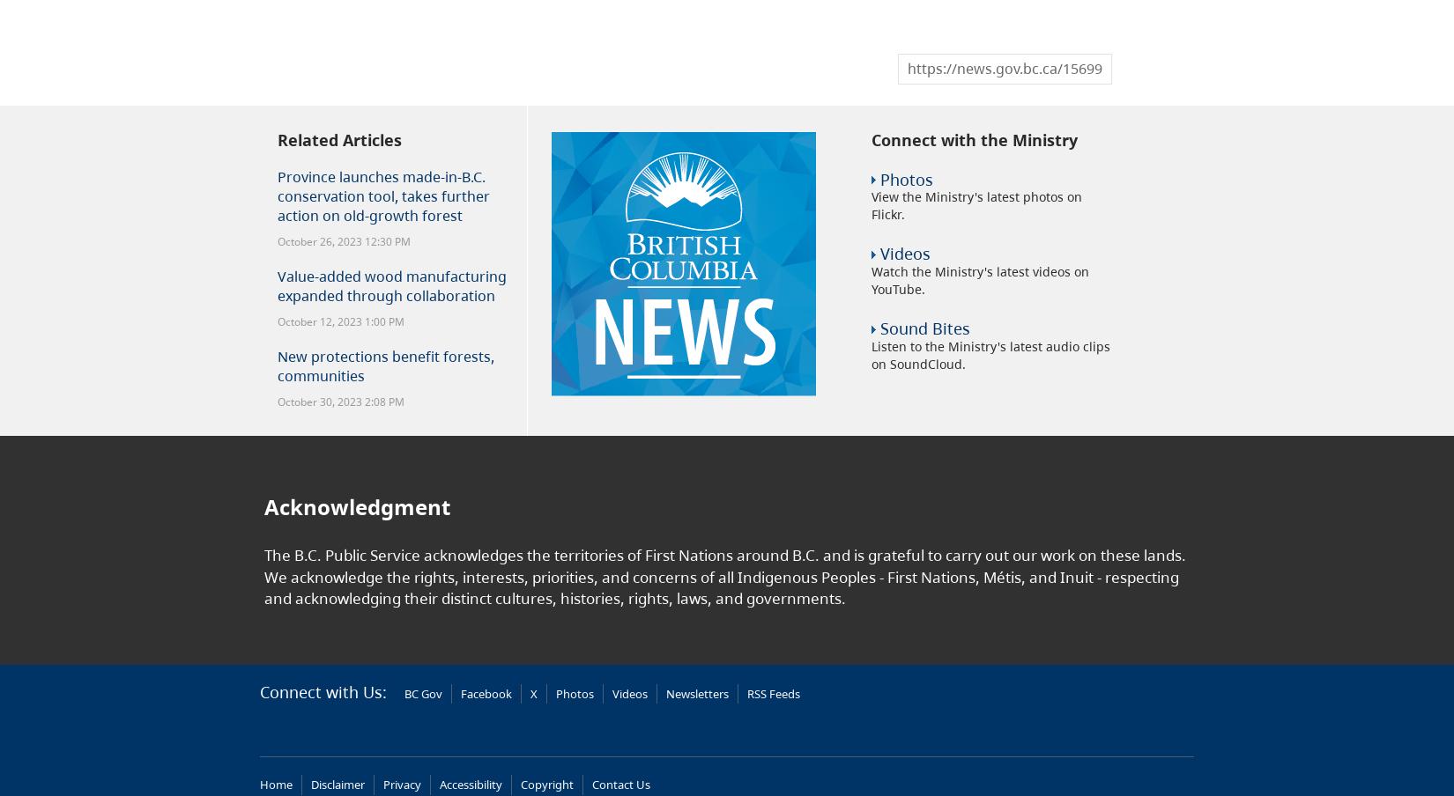  I want to click on 'Connect with Us:', so click(323, 691).